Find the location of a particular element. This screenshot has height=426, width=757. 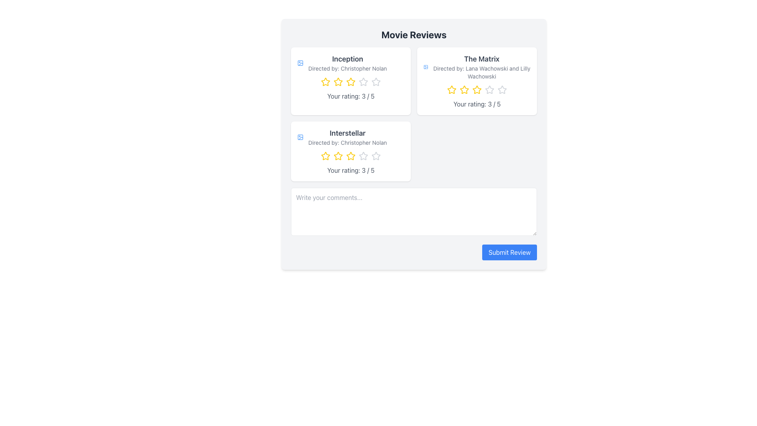

the second star icon in the horizontal row of five stars used for rating in the 'Inception' review card to set or modify the rating is located at coordinates (338, 82).